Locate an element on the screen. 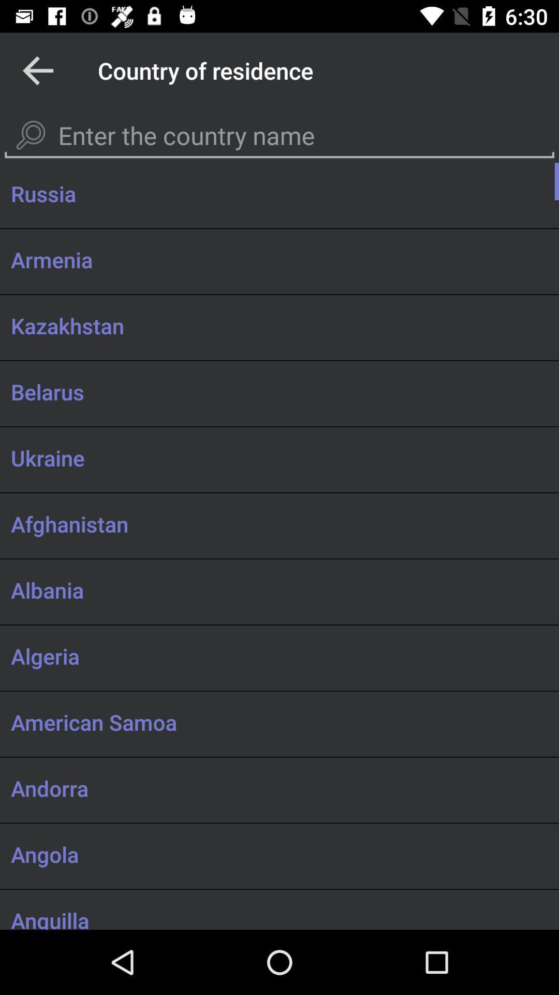 The width and height of the screenshot is (559, 995). go back is located at coordinates (37, 70).